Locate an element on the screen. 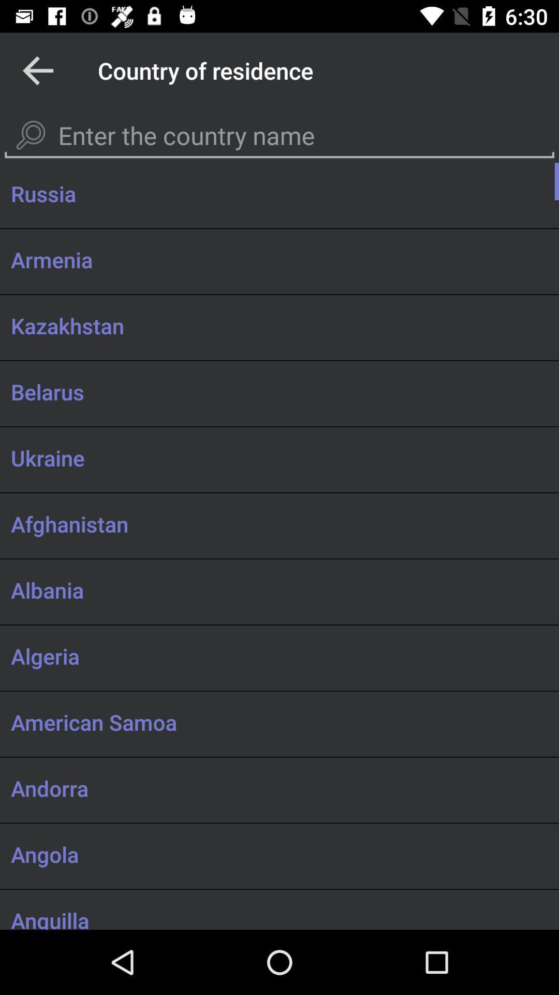 The width and height of the screenshot is (559, 995). go back is located at coordinates (37, 70).